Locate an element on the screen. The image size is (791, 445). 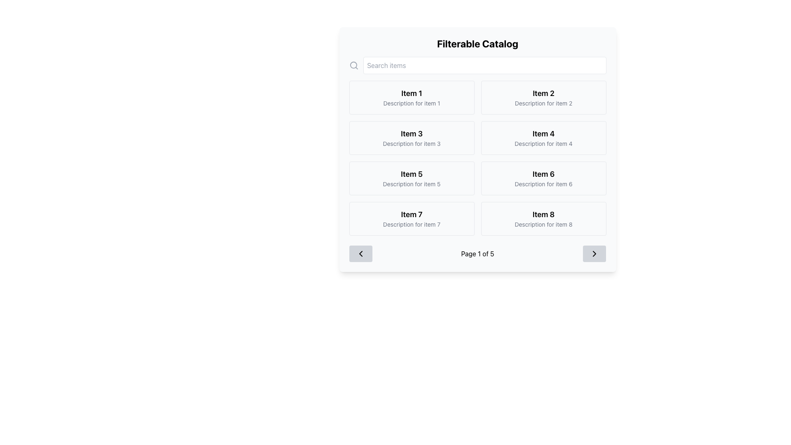
the arrow icon pointing rightwards located at the far right side of the pagination controls, next to the 'Page 1 of 5' text is located at coordinates (594, 253).